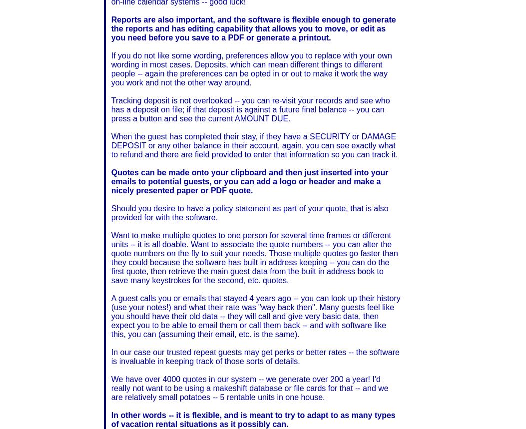  Describe the element at coordinates (254, 257) in the screenshot. I see `'Want to make multiple quotes to one person for several time frames or different units -- it is all doable. Want to associate the quote numbers -- you can alter the quote numbers on the fly to suit your needs. Those multiple quotes go faster than they could because the software has built in address keeping -- you can do the first quote, then retrieve the main guest data from the built in address book to save many keystrokes for the second, etc. quotes.'` at that location.